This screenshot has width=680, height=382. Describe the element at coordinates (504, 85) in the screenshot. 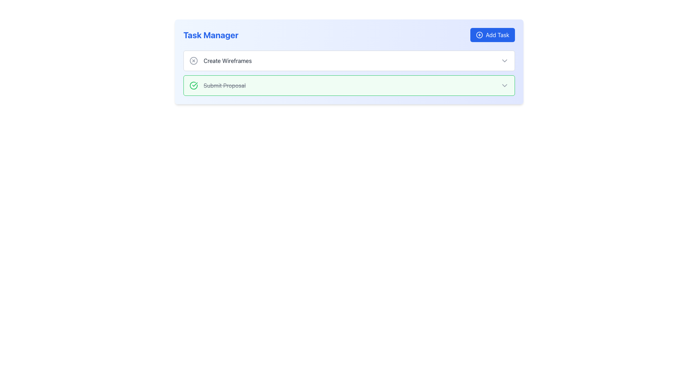

I see `the chevron-down dropdown indicator icon located on the far right of the 'Submit Proposal' section` at that location.